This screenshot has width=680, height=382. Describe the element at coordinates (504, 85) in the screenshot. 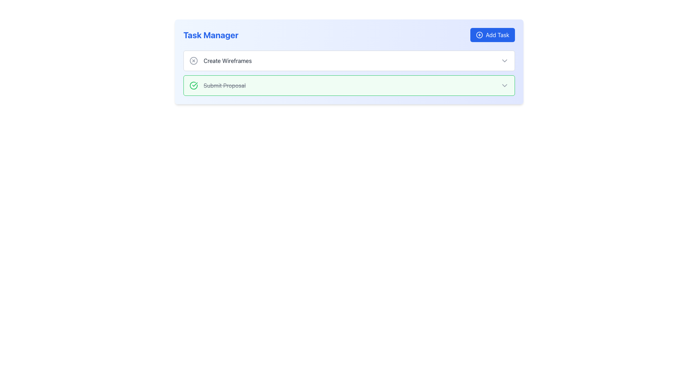

I see `the chevron-down dropdown indicator icon located on the far right of the 'Submit Proposal' section` at that location.